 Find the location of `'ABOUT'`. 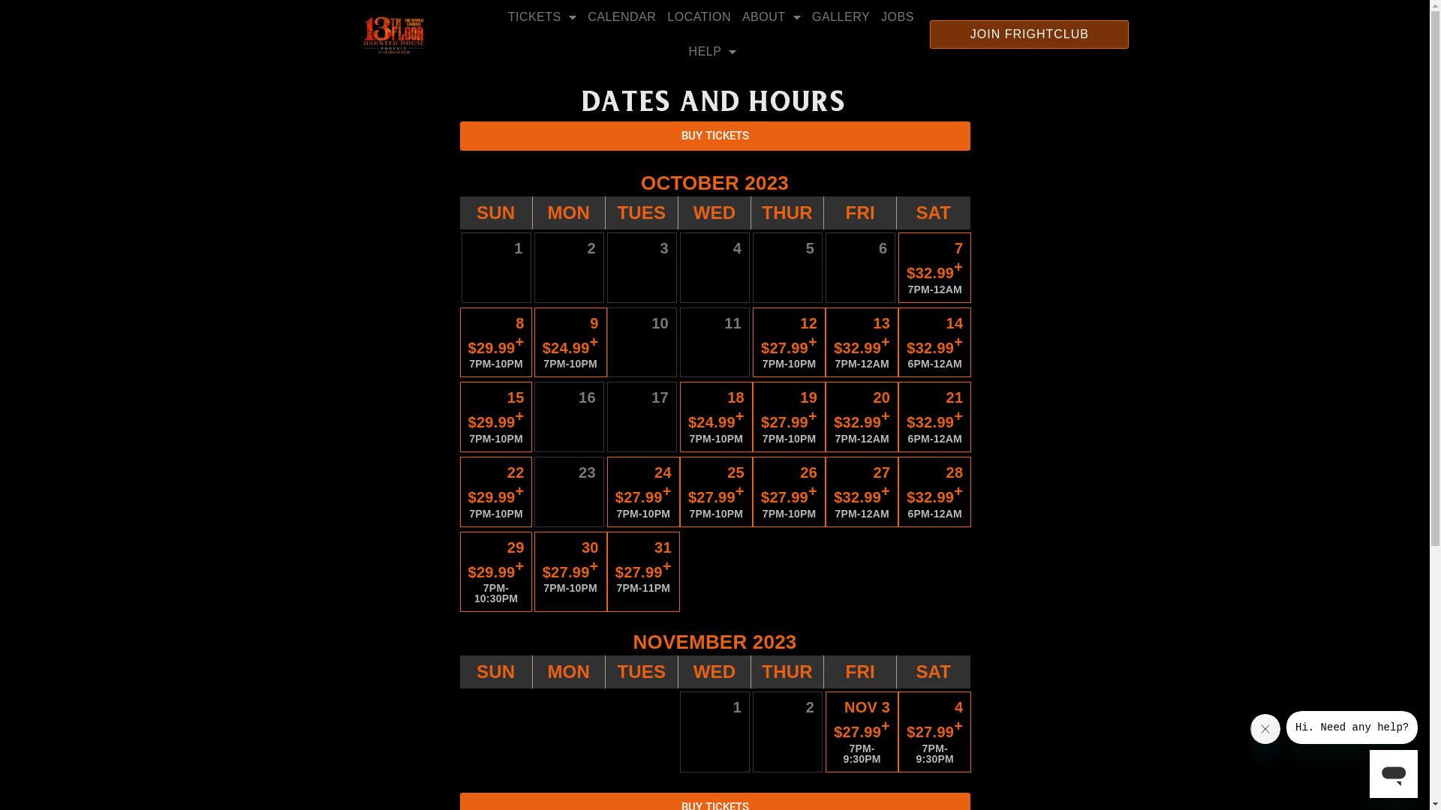

'ABOUT' is located at coordinates (738, 17).